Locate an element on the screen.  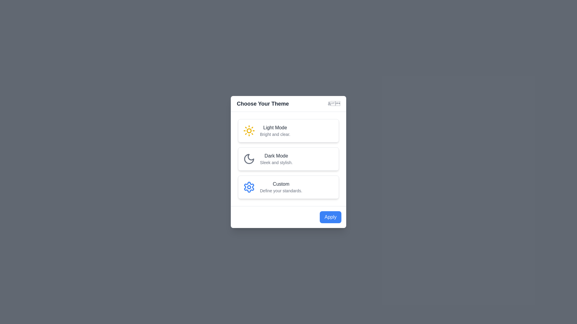
the theme card for Custom theme is located at coordinates (288, 187).